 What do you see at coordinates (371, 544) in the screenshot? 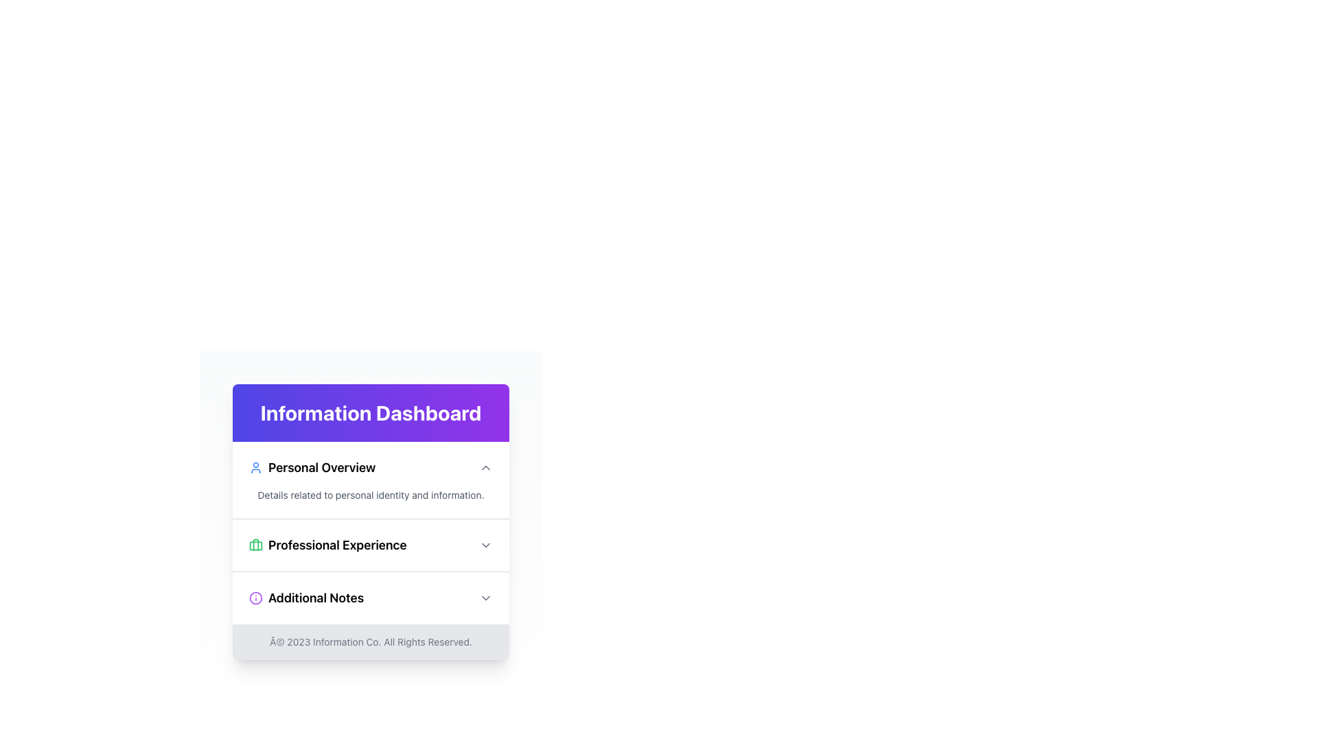
I see `the 'Professional Experience' label which features a briefcase icon on the left and a downward chevron on the right, located in the 'Information Dashboard' section` at bounding box center [371, 544].